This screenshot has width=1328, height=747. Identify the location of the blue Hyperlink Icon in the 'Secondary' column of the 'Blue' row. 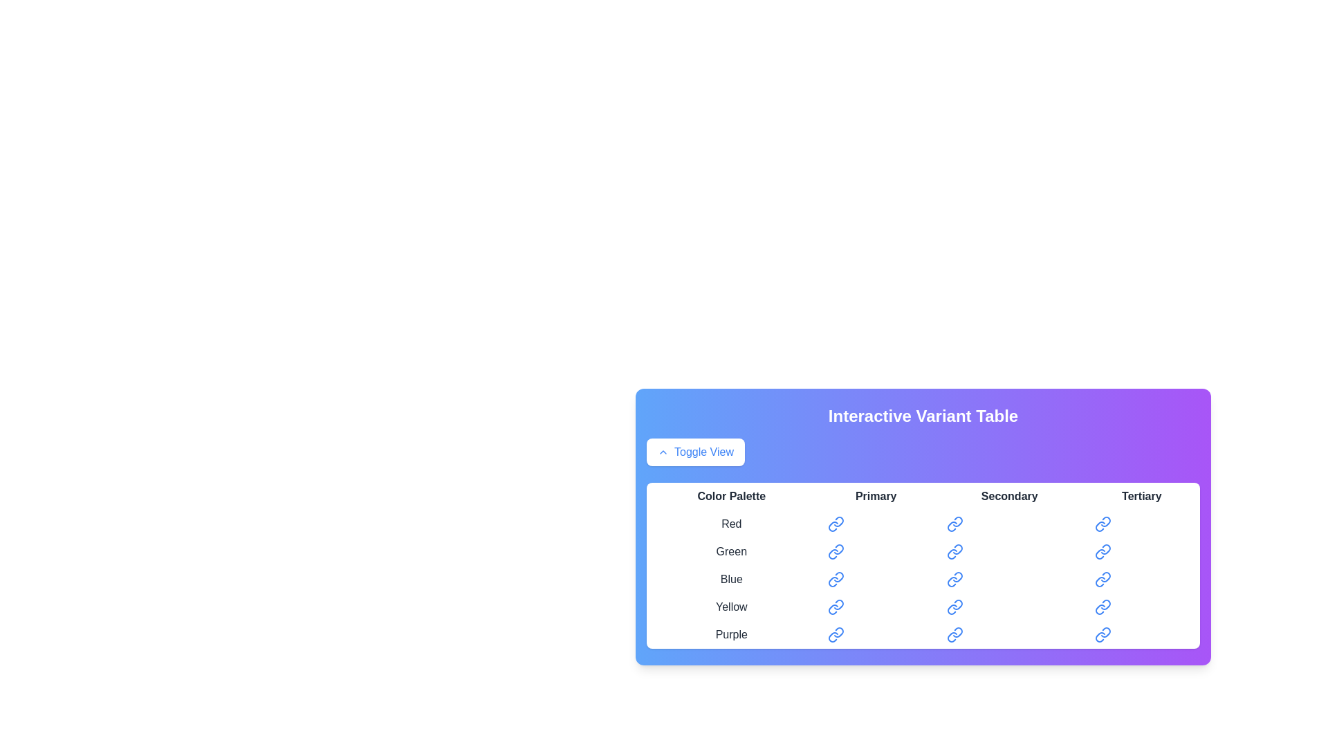
(954, 579).